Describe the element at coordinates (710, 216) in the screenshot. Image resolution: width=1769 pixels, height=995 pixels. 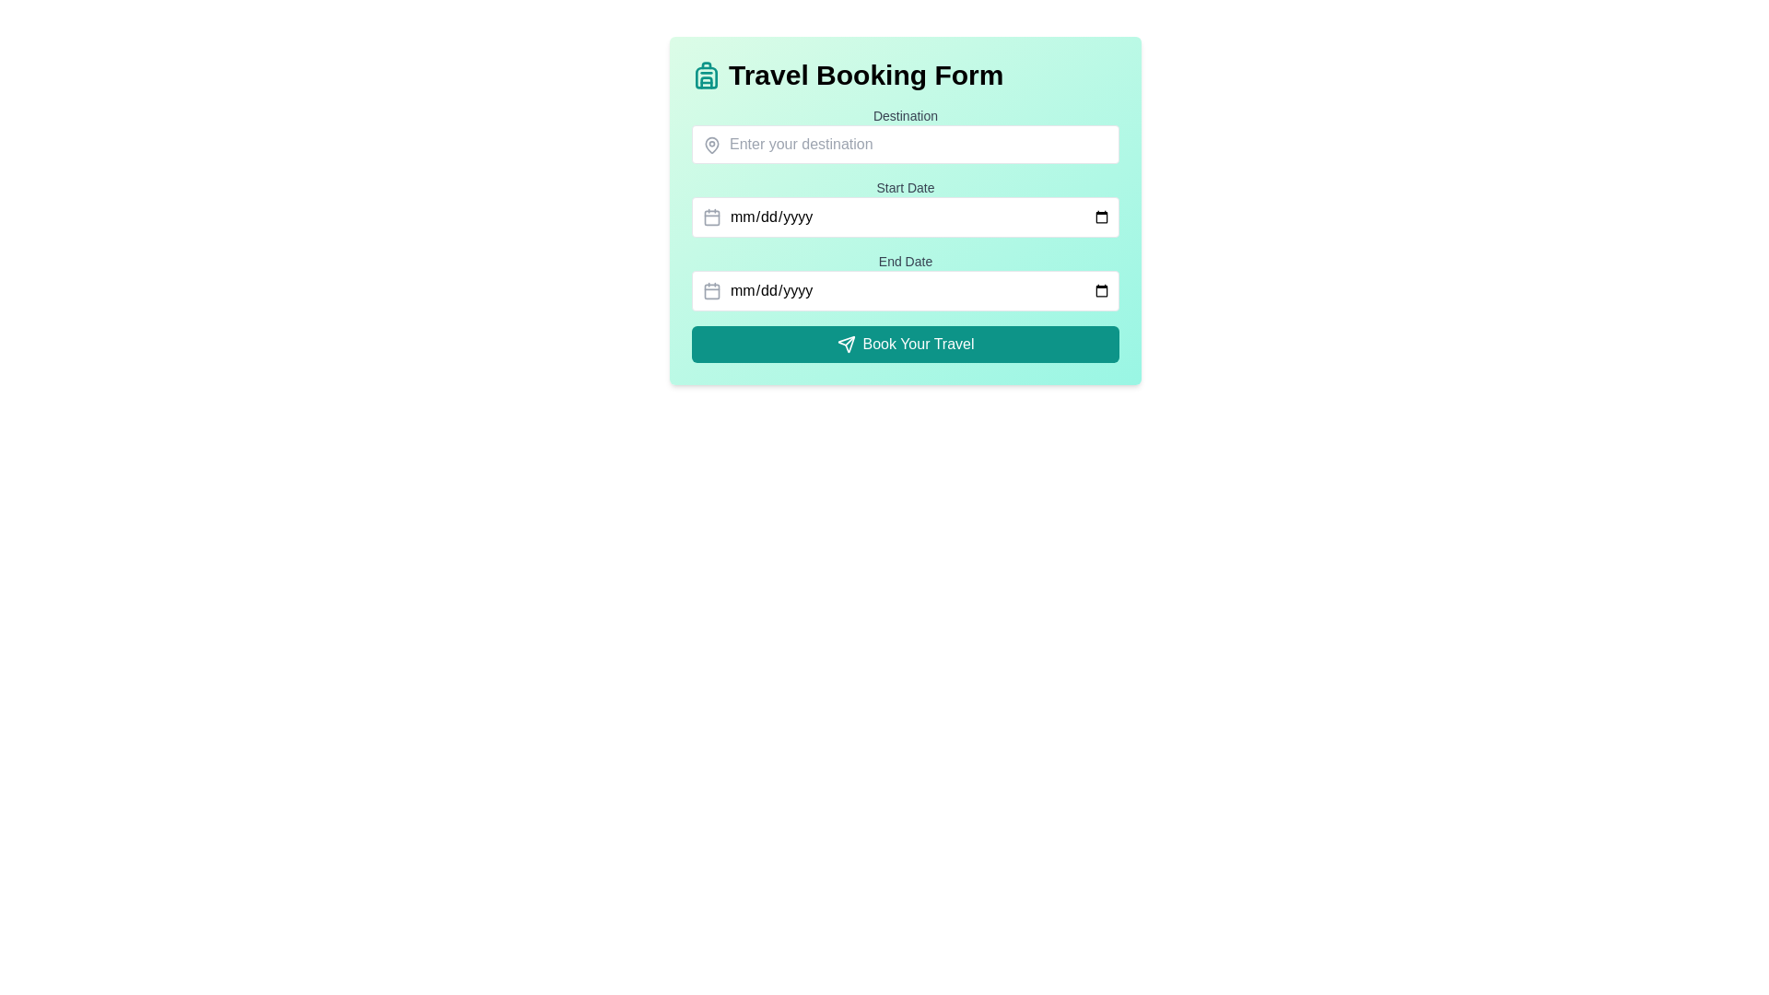
I see `the SVG rectangle graphic element inside the calendar icon, which is positioned near the 'Start Date' label and input field` at that location.